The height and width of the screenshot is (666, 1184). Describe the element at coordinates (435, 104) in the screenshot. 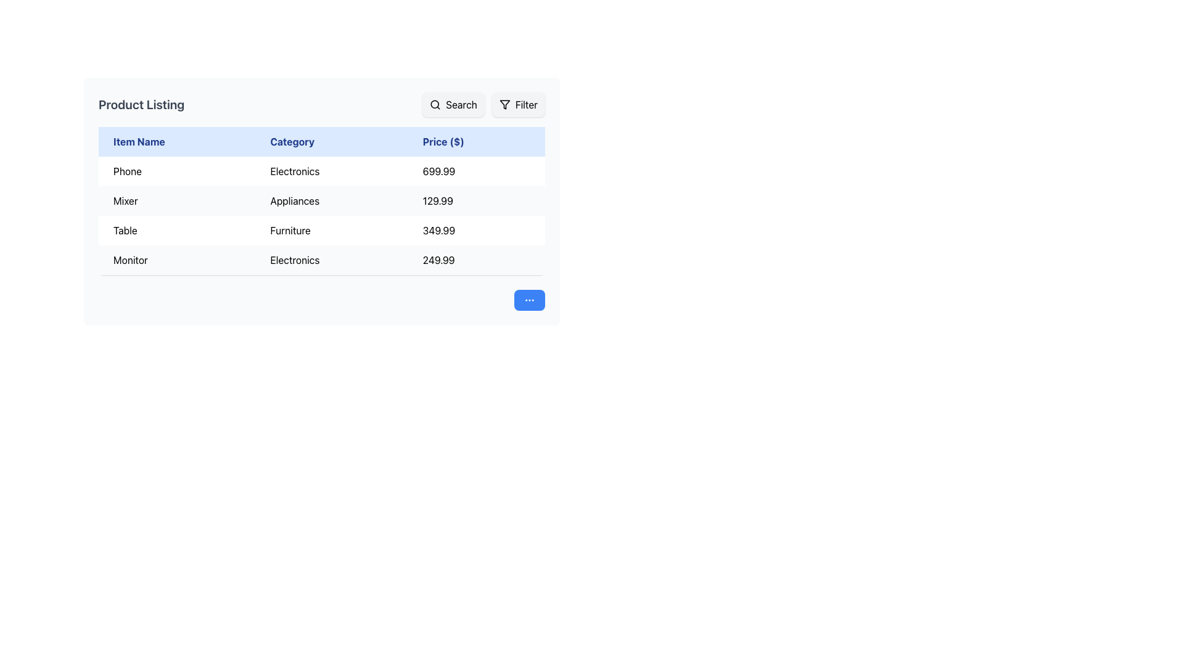

I see `the search icon within the 'Search' button located at the top-right corner of the interface to observe any hover-specific effects` at that location.